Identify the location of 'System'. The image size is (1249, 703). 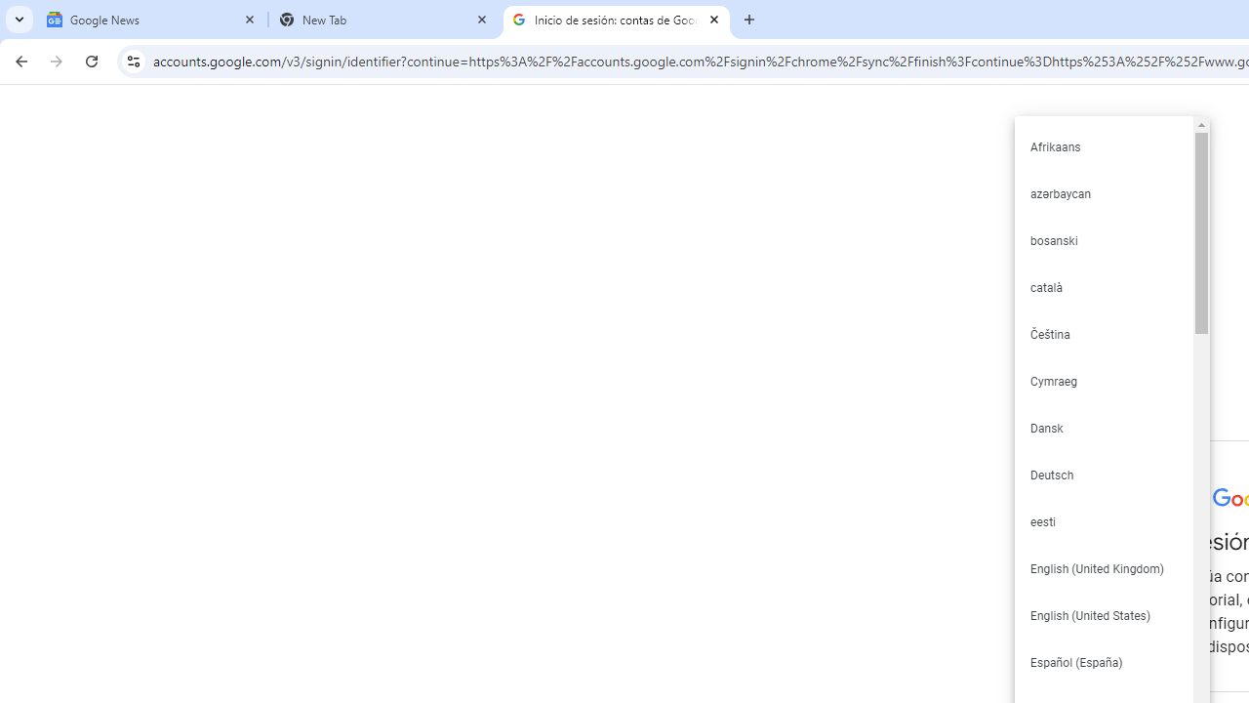
(10, 11).